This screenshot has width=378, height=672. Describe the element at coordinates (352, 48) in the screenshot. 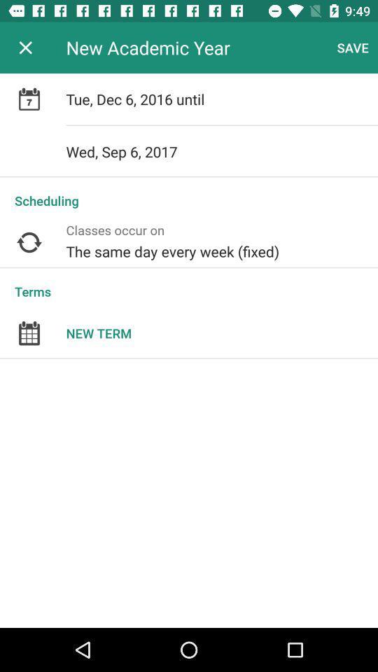

I see `the icon next to the new academic year` at that location.